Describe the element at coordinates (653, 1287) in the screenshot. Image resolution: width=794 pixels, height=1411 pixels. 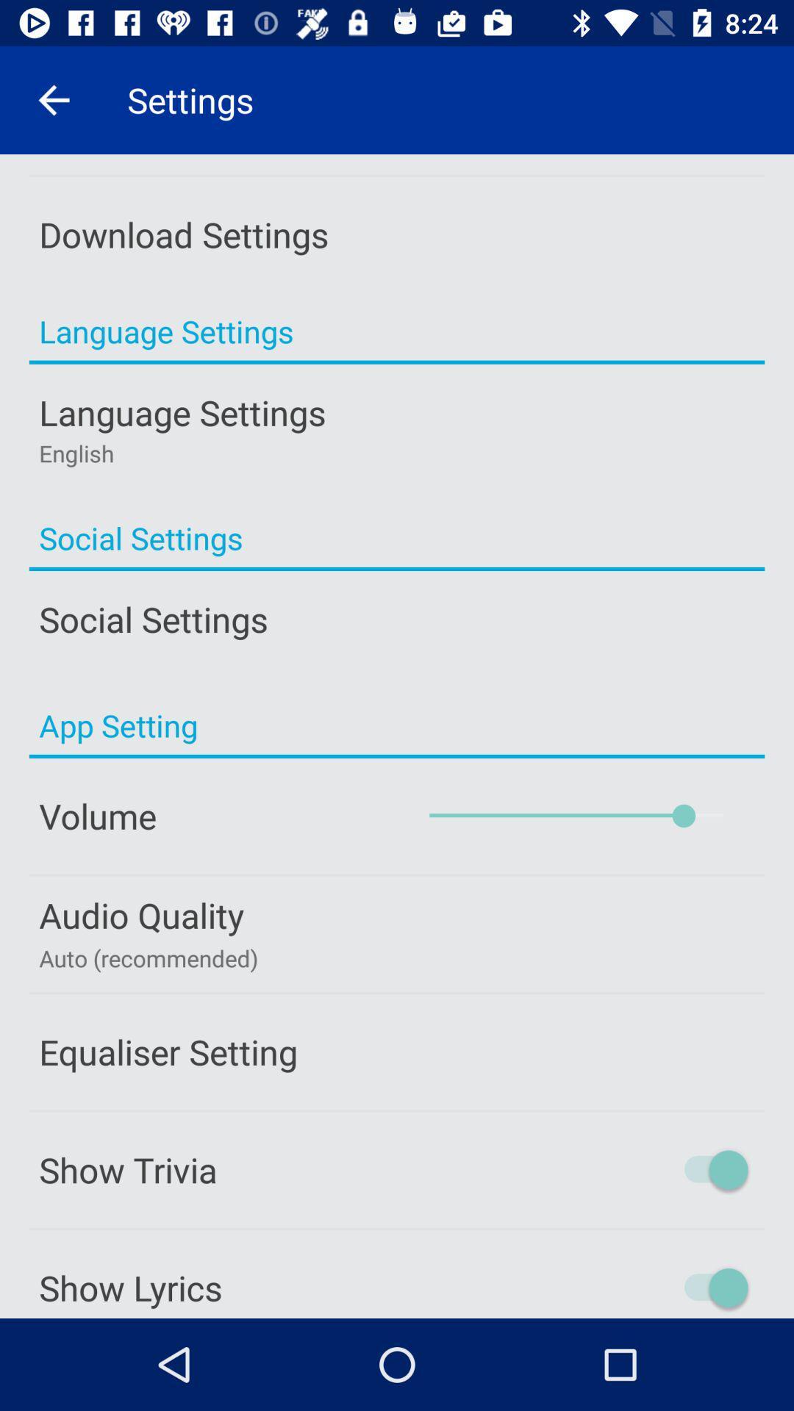
I see `item next to show lyrics icon` at that location.